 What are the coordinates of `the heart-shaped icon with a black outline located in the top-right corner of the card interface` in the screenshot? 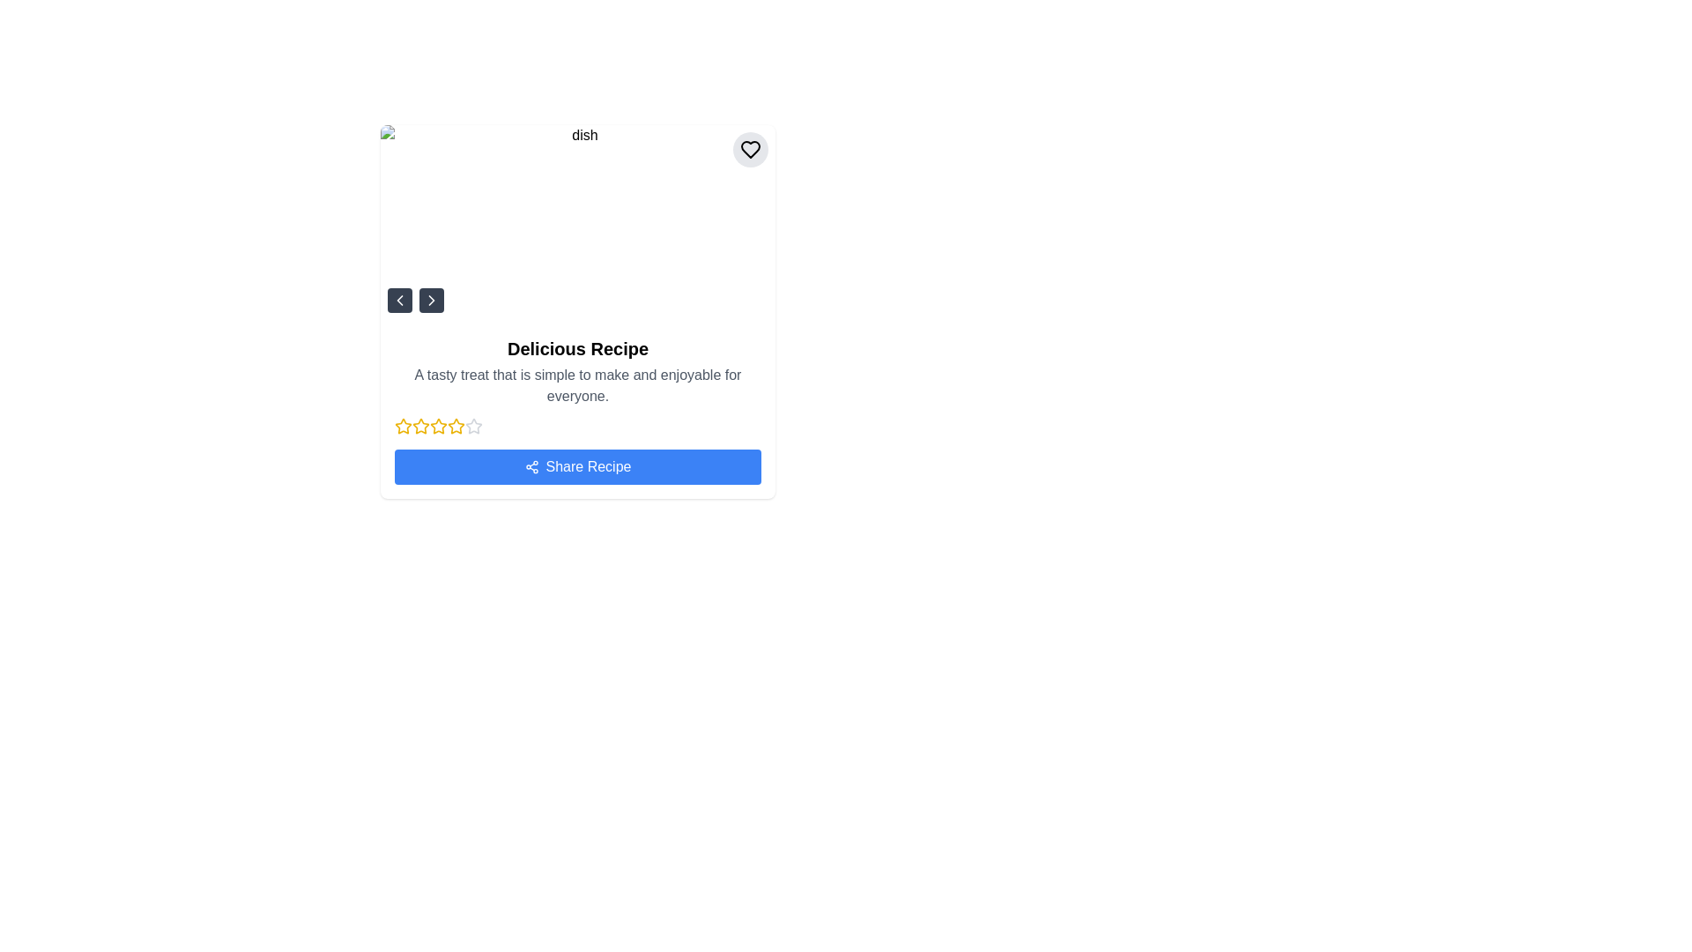 It's located at (750, 148).